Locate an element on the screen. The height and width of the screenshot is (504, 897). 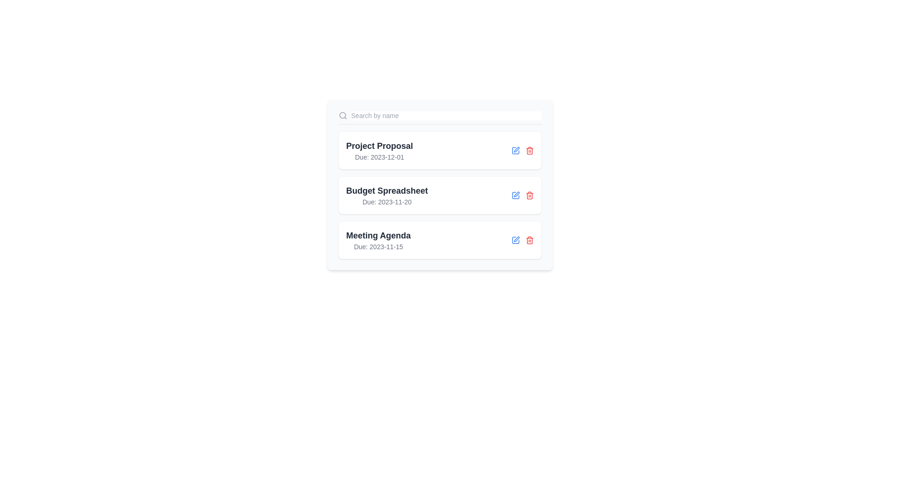
the edit icon for the item named Meeting Agenda is located at coordinates (515, 240).